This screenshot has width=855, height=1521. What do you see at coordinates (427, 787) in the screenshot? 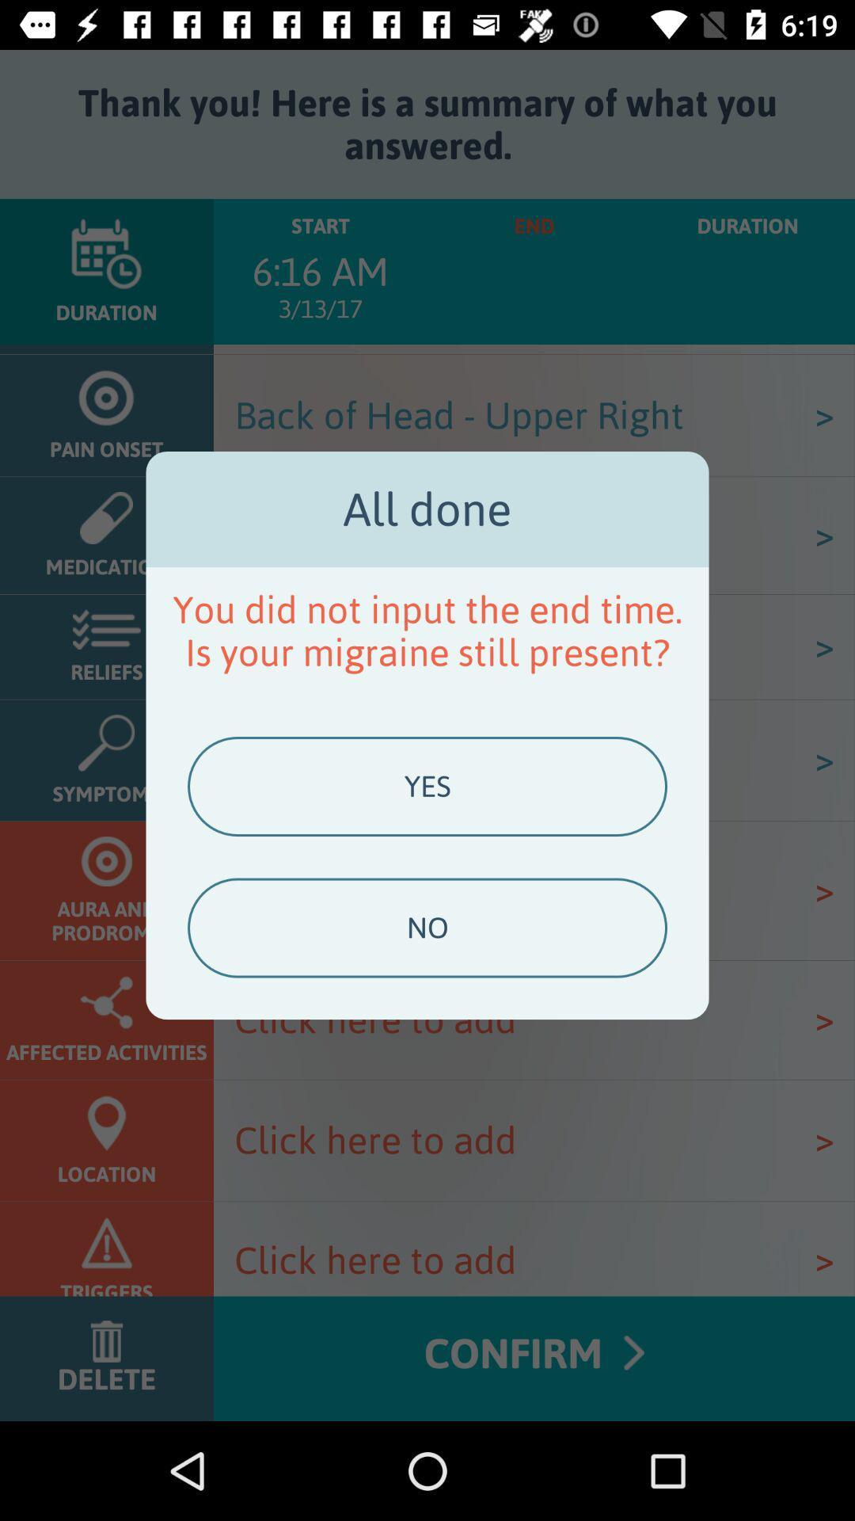
I see `item below the you did not app` at bounding box center [427, 787].